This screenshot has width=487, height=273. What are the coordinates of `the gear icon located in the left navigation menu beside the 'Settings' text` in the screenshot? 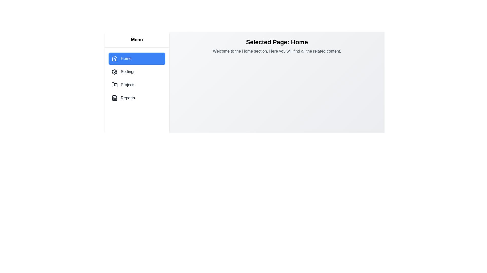 It's located at (114, 72).